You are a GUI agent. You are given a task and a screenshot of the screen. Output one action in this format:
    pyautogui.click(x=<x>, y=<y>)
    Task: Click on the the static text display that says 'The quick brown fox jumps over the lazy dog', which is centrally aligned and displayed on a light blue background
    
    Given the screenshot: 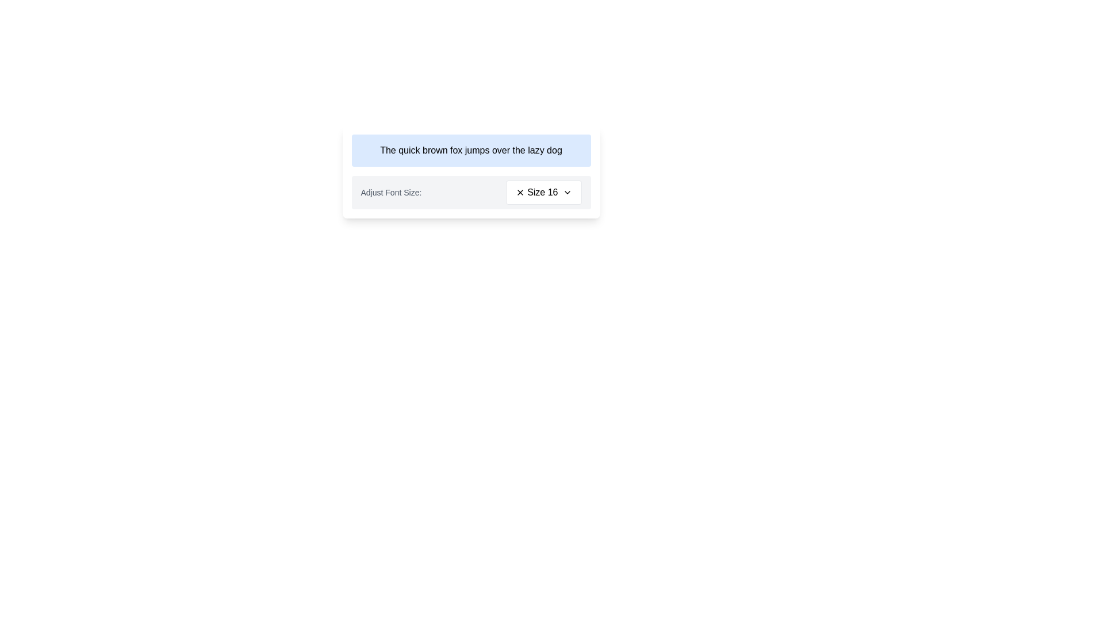 What is the action you would take?
    pyautogui.click(x=471, y=150)
    